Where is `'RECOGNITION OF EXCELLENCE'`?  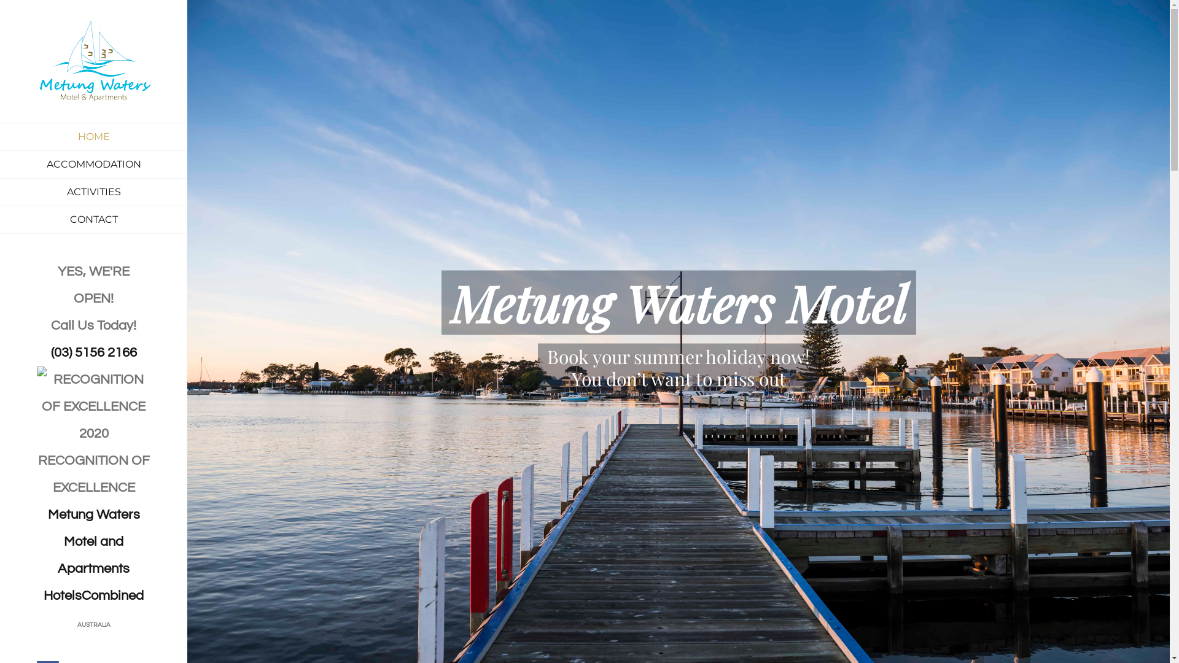 'RECOGNITION OF EXCELLENCE' is located at coordinates (93, 393).